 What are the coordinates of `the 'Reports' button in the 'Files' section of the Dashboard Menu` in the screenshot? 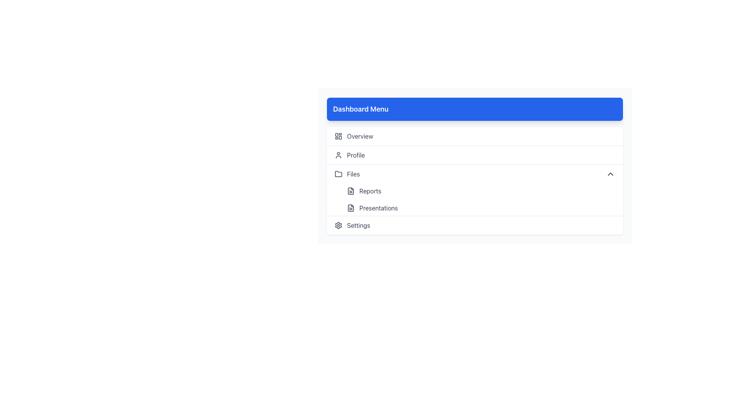 It's located at (480, 191).